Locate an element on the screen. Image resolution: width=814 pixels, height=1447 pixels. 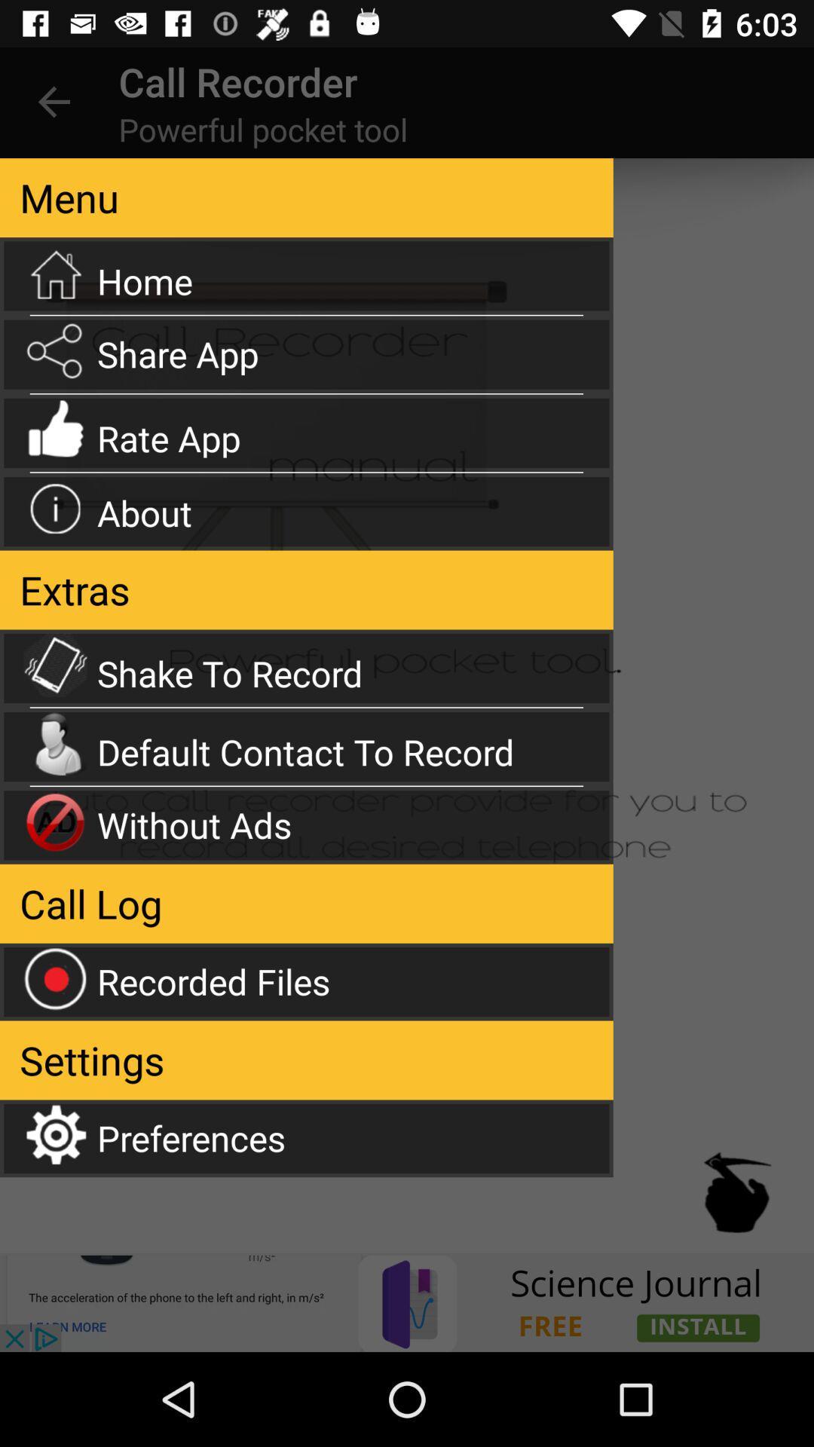
the item to the left of call recorder icon is located at coordinates (54, 102).